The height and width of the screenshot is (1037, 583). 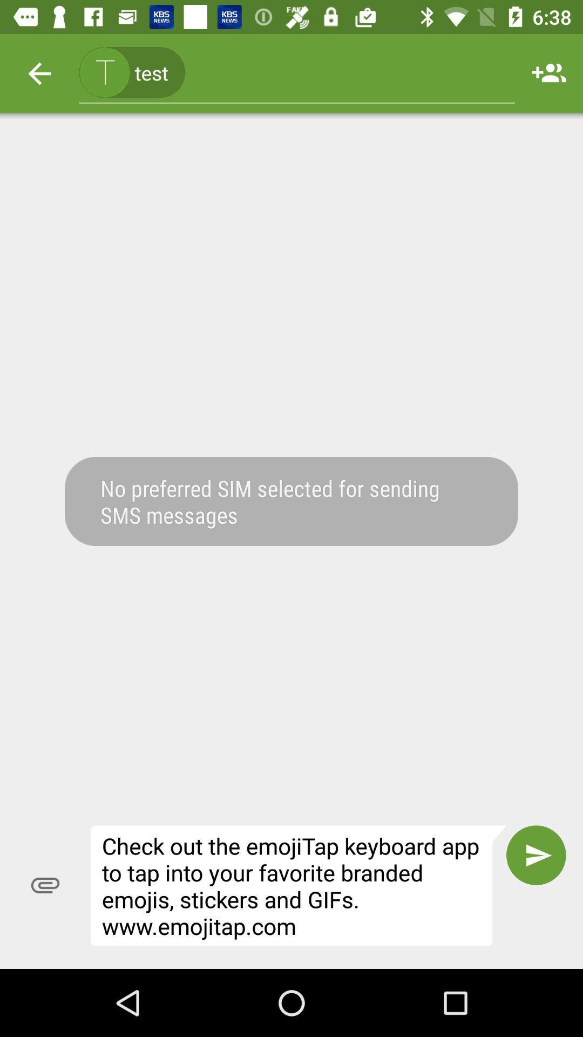 What do you see at coordinates (39, 73) in the screenshot?
I see `the icon to the left of (415) 123-4567,  icon` at bounding box center [39, 73].